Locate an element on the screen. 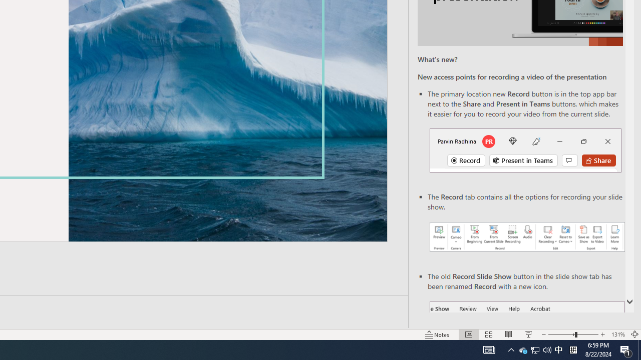 The height and width of the screenshot is (360, 641). 'Zoom 131%' is located at coordinates (617, 334).